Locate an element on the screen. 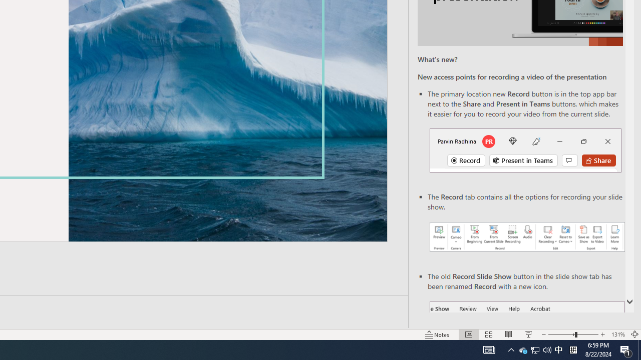 The height and width of the screenshot is (360, 641). 'Zoom 131%' is located at coordinates (617, 334).